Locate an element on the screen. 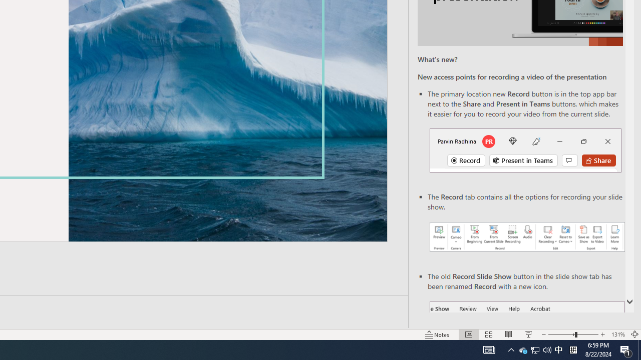 The height and width of the screenshot is (360, 641). 'Zoom 131%' is located at coordinates (617, 334).